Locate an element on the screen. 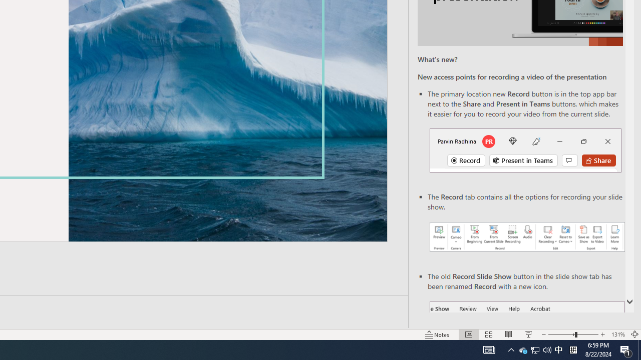 The height and width of the screenshot is (360, 641). 'Zoom 131%' is located at coordinates (617, 334).